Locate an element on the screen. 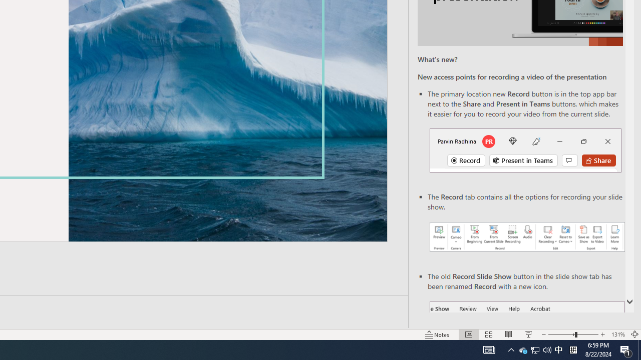 The height and width of the screenshot is (360, 641). 'Zoom 131%' is located at coordinates (617, 334).